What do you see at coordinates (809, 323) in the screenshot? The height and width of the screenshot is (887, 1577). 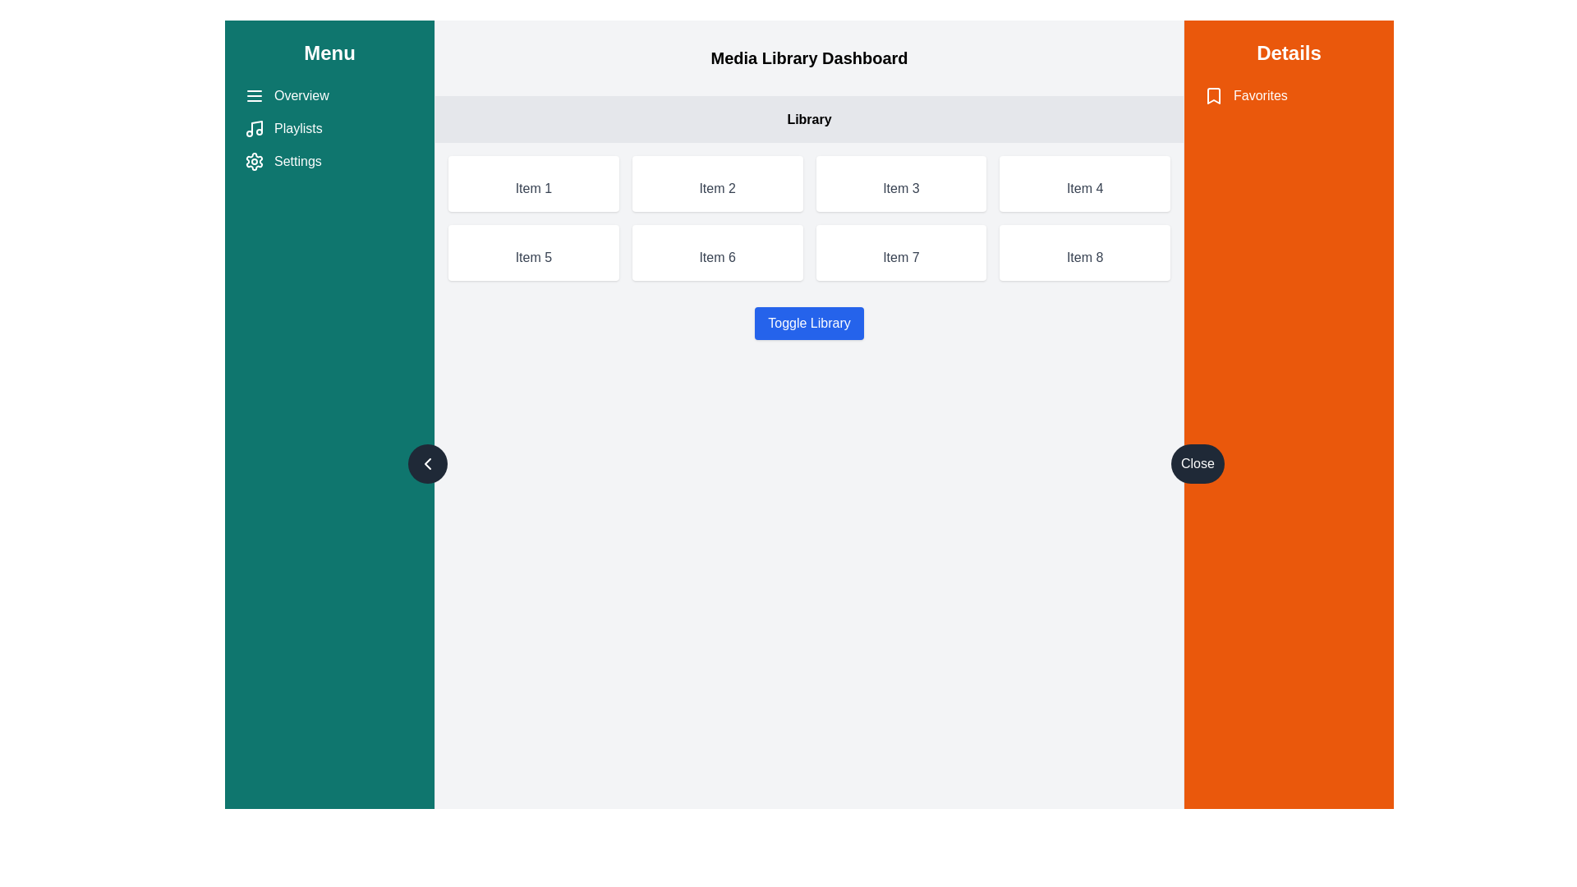 I see `the 'Toggle Library' button` at bounding box center [809, 323].